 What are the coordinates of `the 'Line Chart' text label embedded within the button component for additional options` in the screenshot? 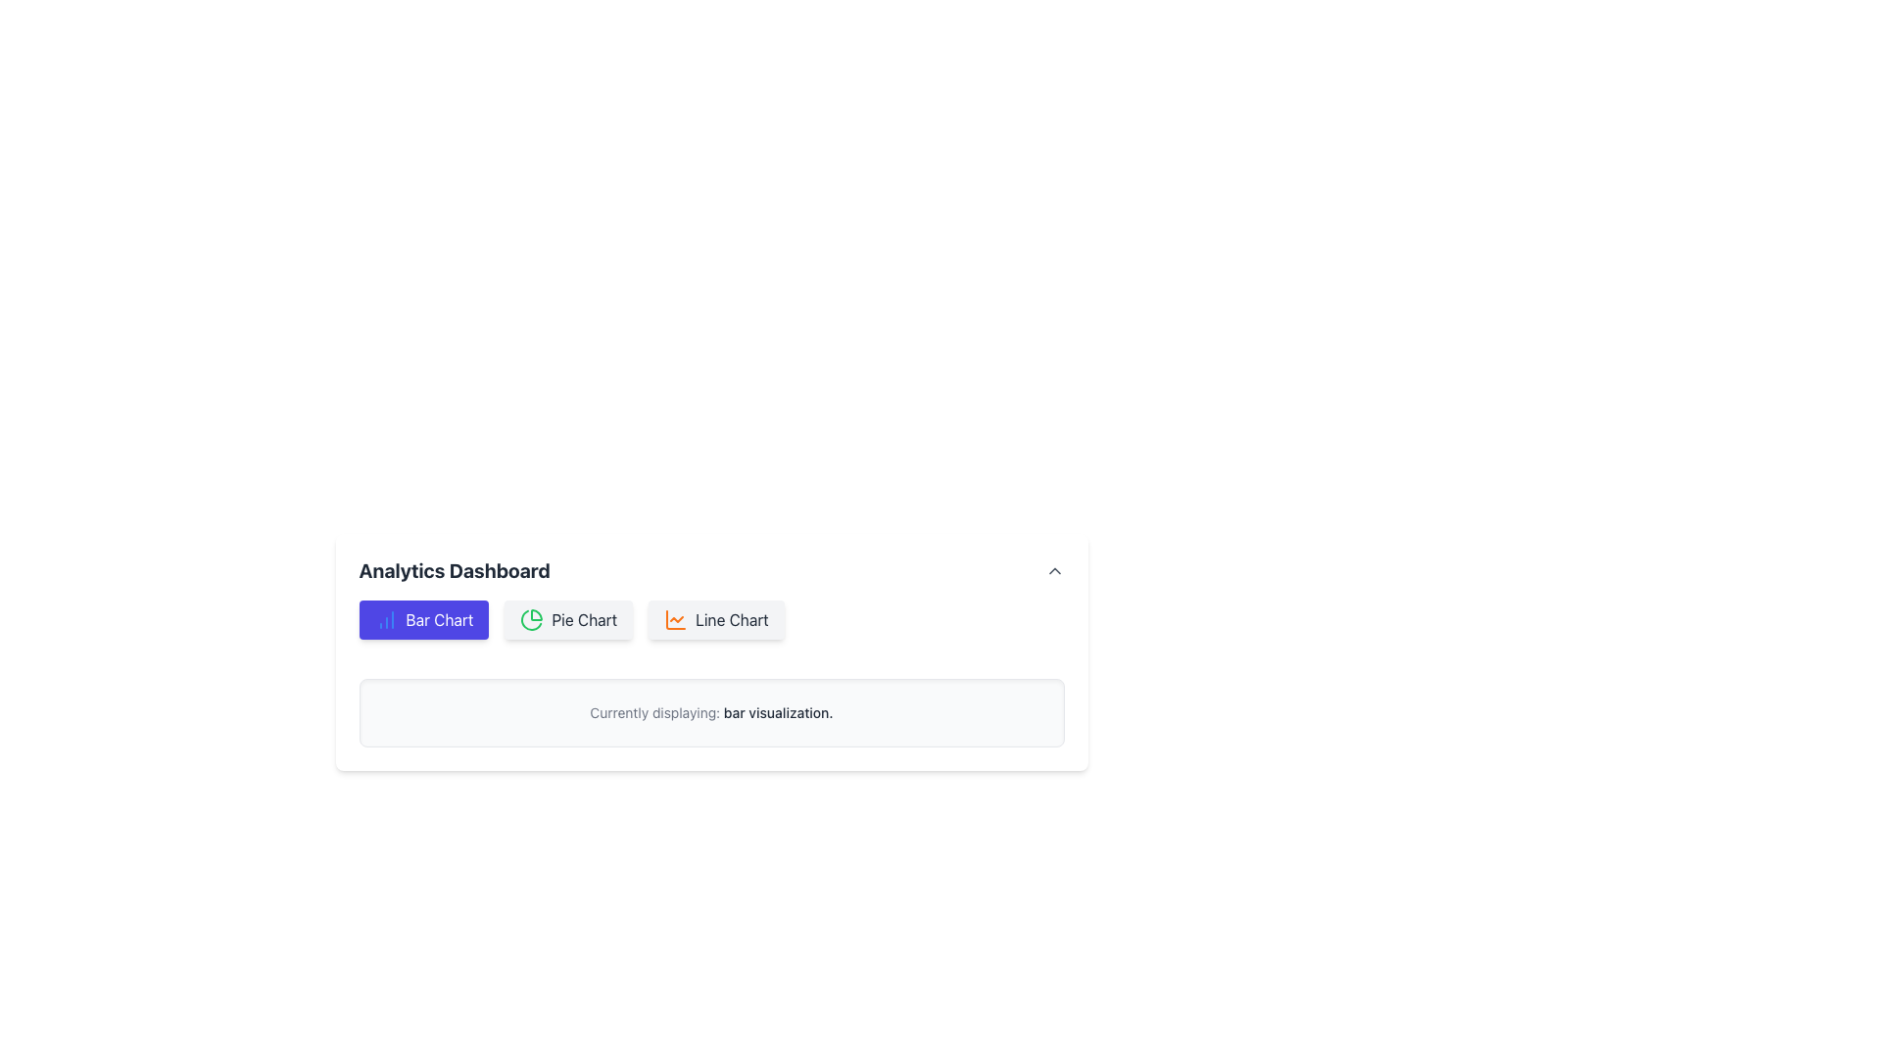 It's located at (731, 619).